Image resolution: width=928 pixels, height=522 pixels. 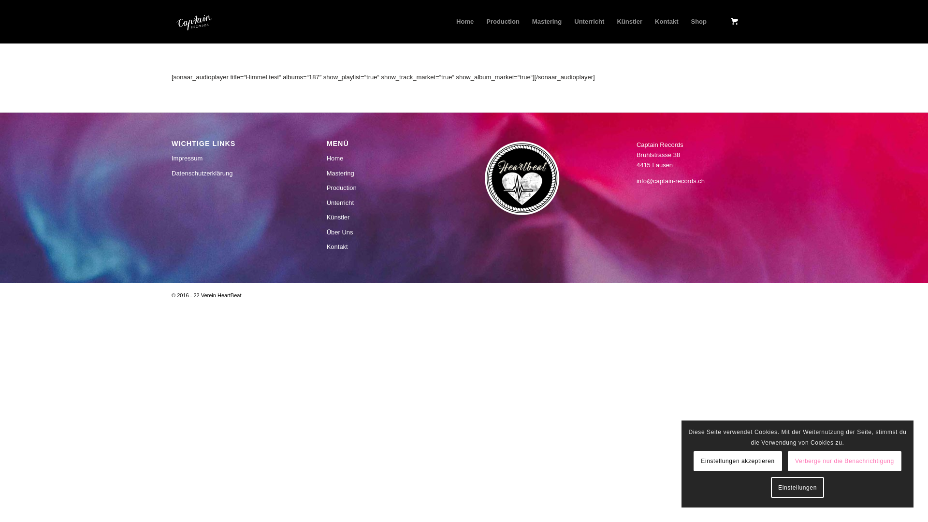 I want to click on 'Impressum', so click(x=231, y=158).